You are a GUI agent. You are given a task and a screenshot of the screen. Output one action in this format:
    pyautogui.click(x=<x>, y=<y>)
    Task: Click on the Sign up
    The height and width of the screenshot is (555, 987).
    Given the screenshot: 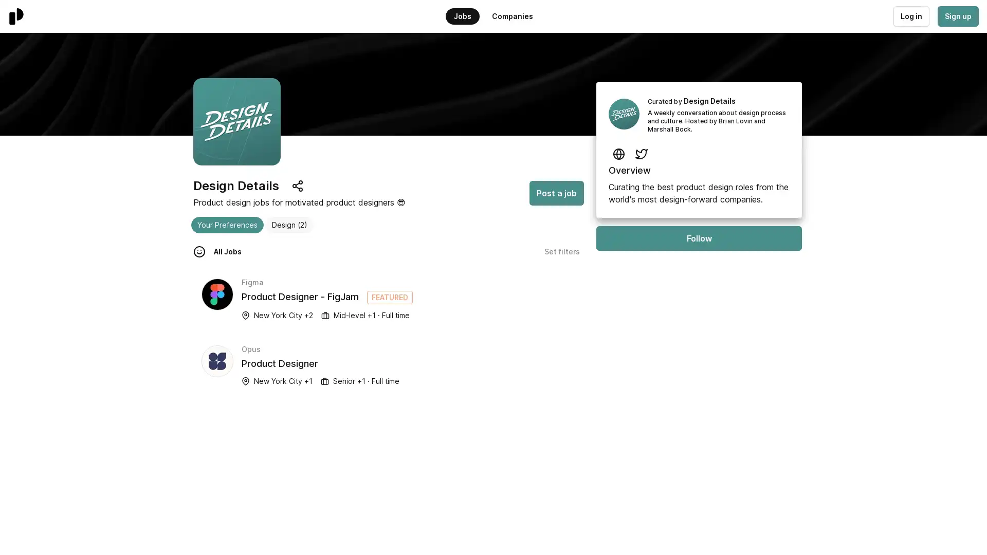 What is the action you would take?
    pyautogui.click(x=957, y=16)
    